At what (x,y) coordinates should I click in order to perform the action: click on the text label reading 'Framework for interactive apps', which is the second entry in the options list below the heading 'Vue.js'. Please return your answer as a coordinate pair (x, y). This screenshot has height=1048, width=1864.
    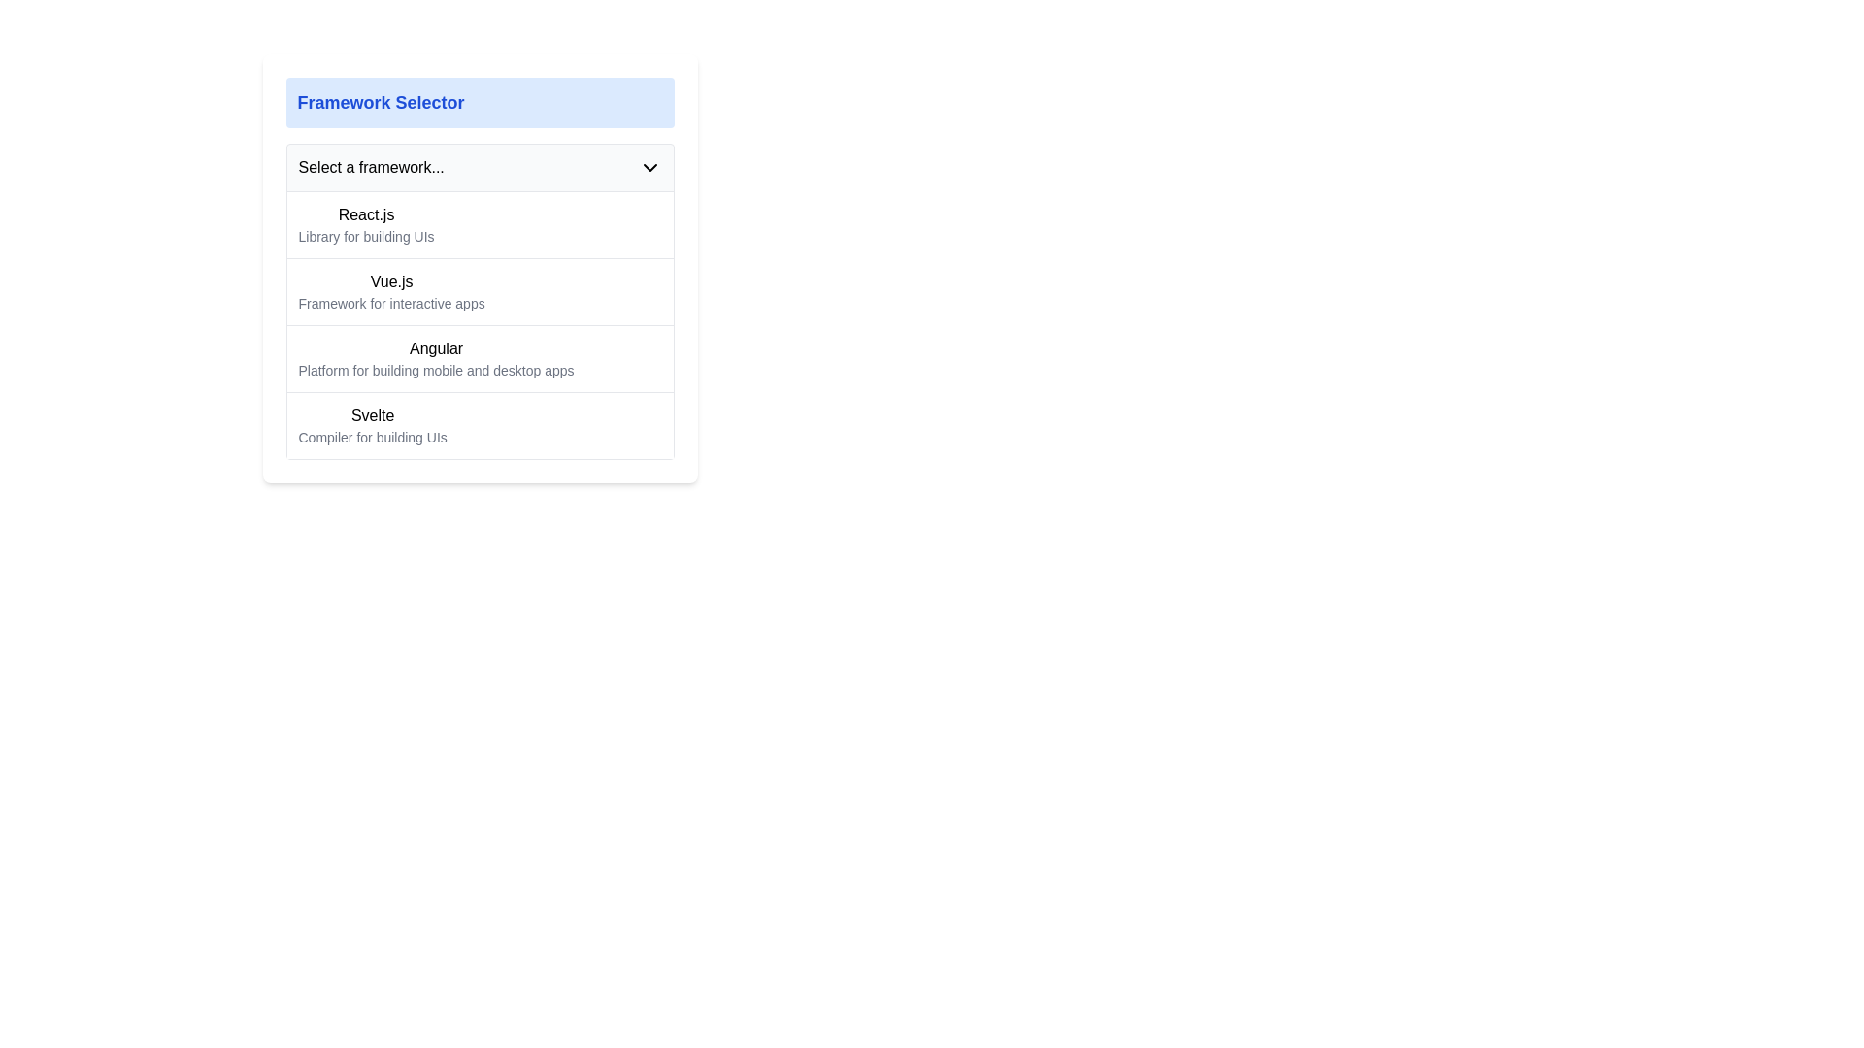
    Looking at the image, I should click on (390, 303).